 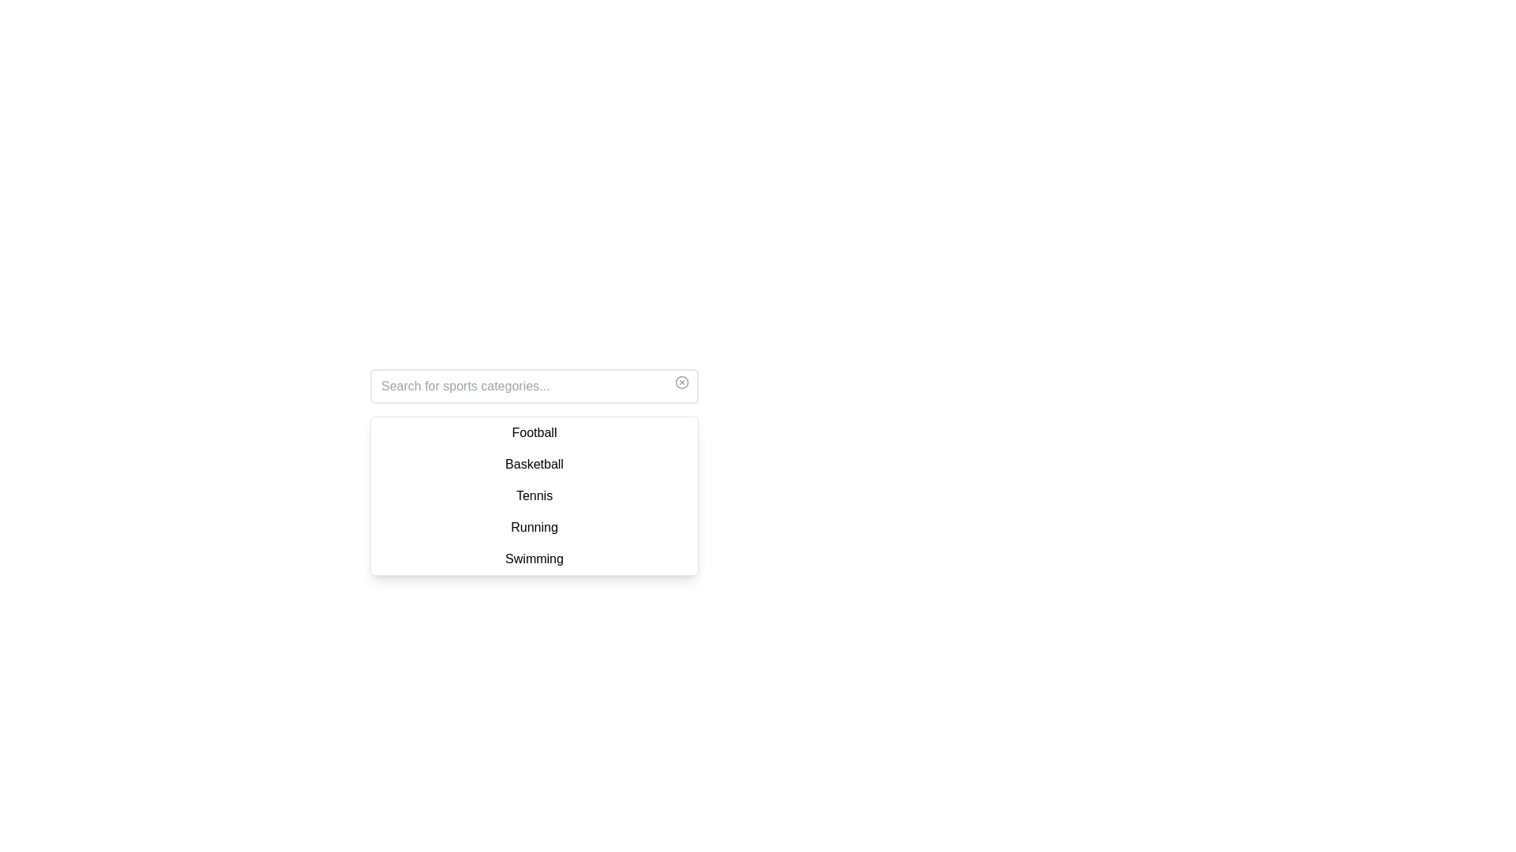 I want to click on the 'Running' option in the dropdown menu, so click(x=534, y=527).